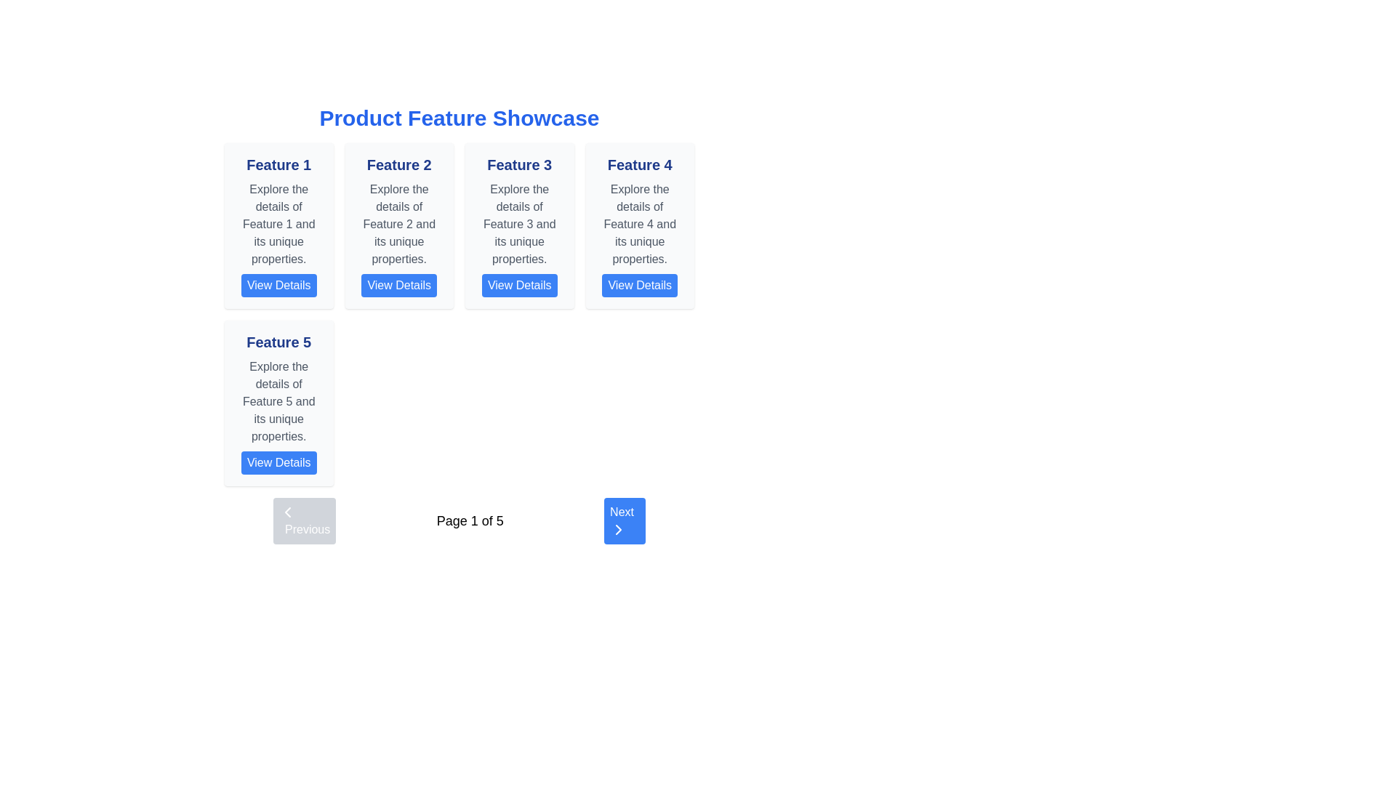 This screenshot has height=785, width=1396. I want to click on descriptive text block summarizing the characteristics and purpose of Feature 3, which is located below its header and above an interactive button in the third column of feature cards, so click(519, 224).